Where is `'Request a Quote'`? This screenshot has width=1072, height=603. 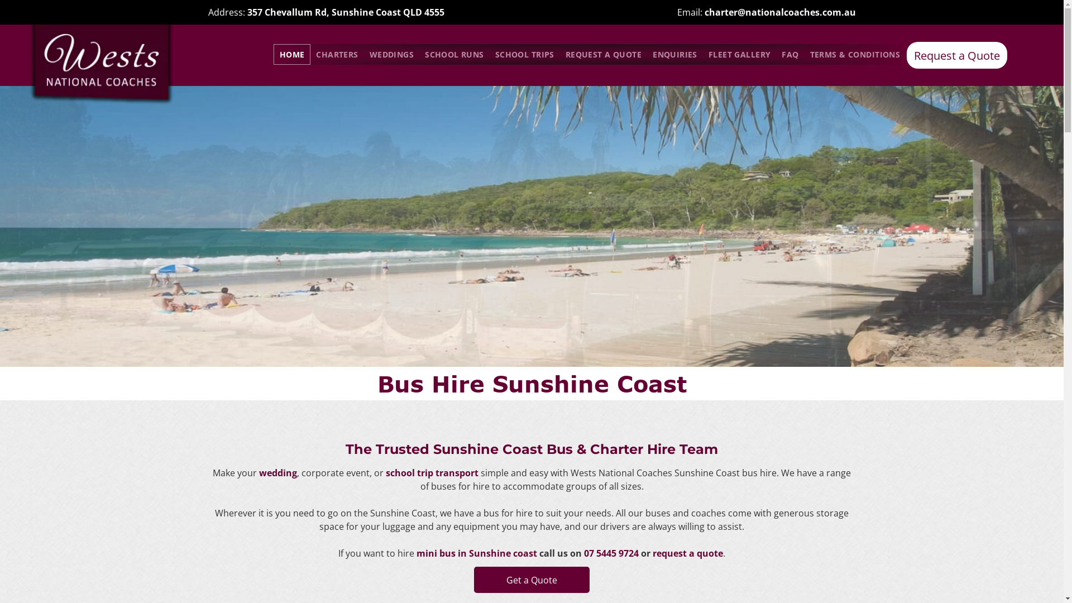
'Request a Quote' is located at coordinates (956, 55).